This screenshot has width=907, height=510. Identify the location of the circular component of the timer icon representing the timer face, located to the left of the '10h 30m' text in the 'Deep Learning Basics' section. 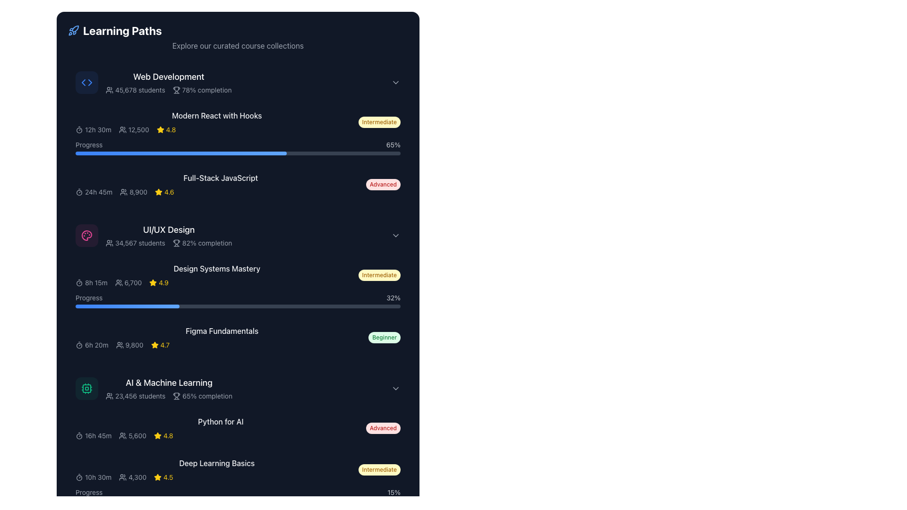
(79, 477).